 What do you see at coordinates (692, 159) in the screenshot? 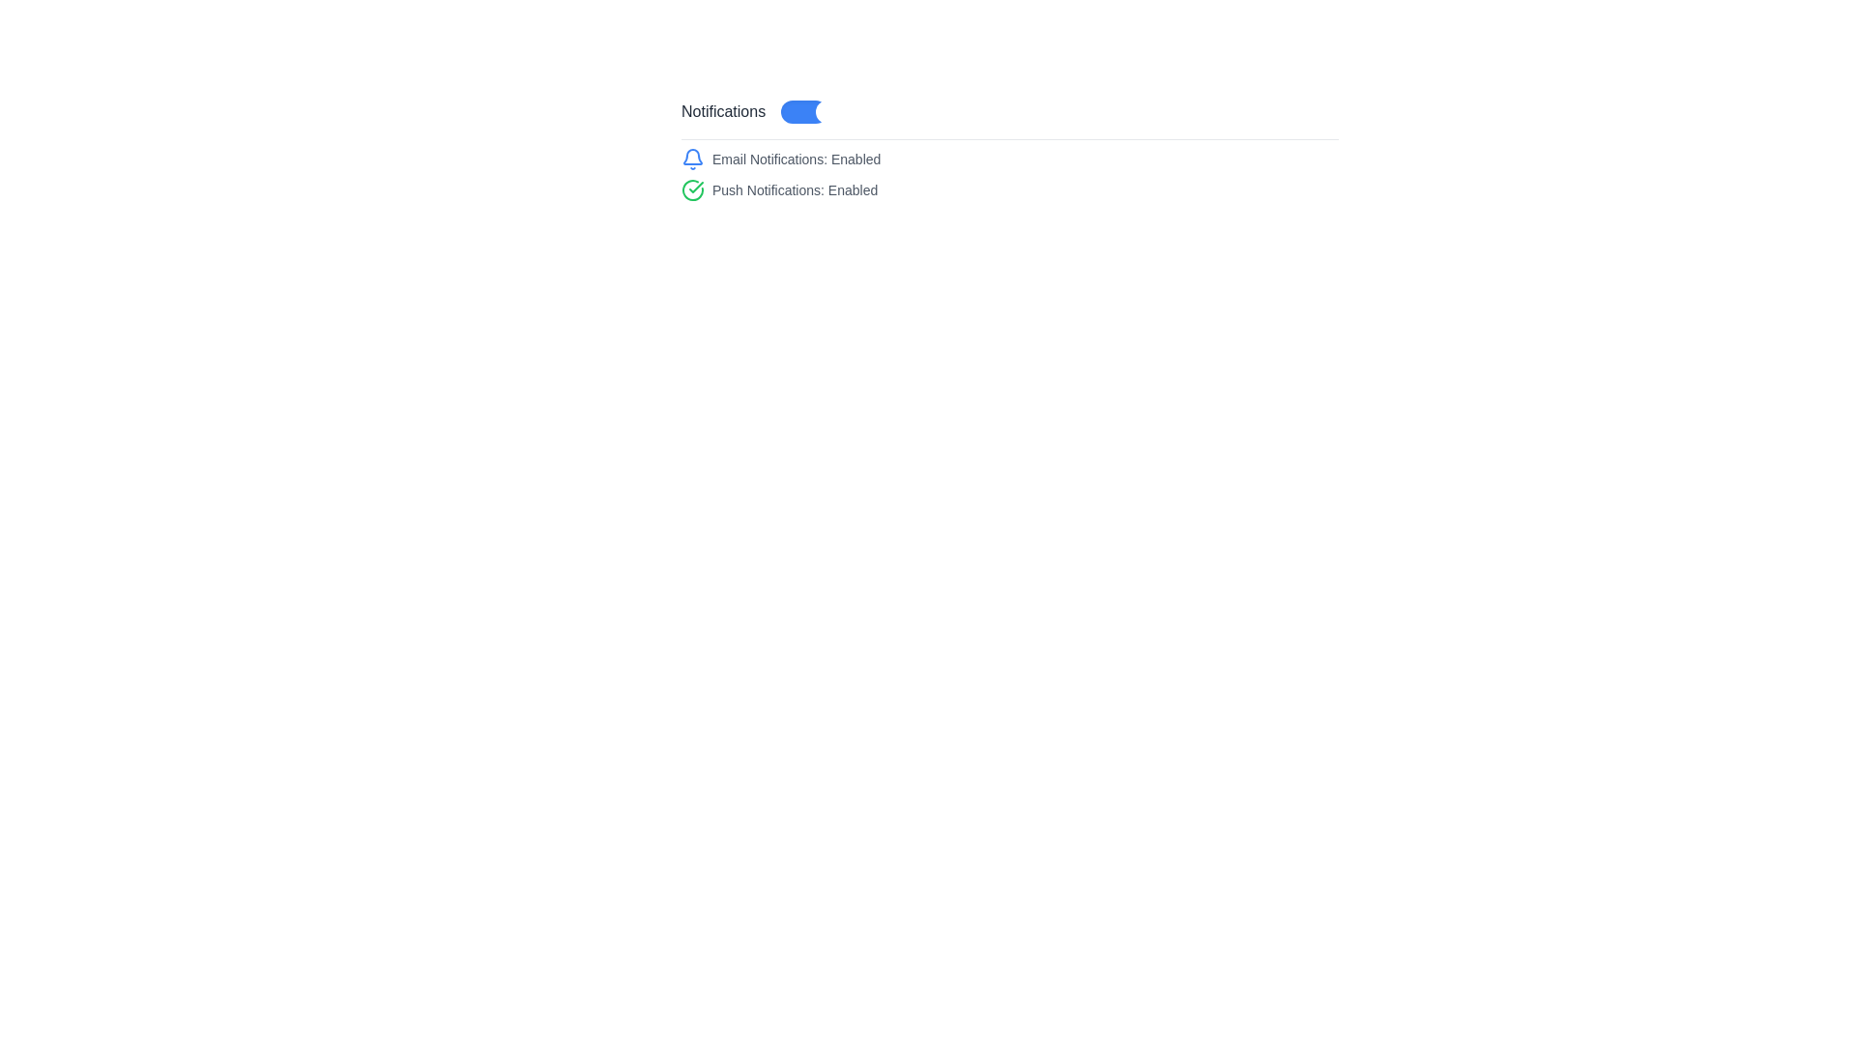
I see `the email notification icon, which visually indicates email notification settings and is located below the 'Notifications' toggle, in front of the text 'Email Notifications: Enabled'` at bounding box center [692, 159].